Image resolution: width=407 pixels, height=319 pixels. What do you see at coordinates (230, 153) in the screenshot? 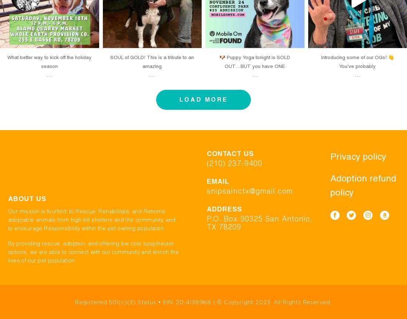
I see `'Contact us'` at bounding box center [230, 153].